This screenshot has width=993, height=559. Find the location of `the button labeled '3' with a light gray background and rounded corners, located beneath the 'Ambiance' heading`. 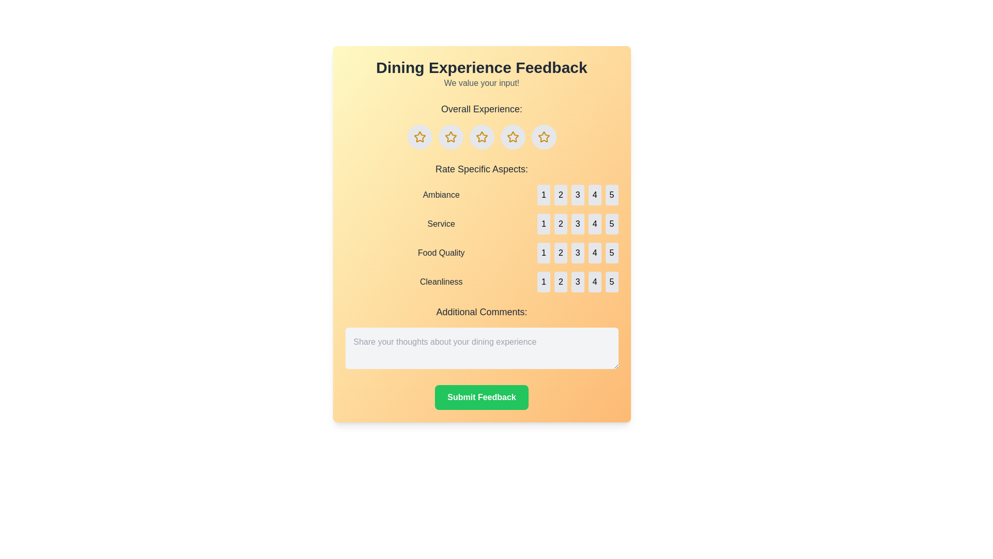

the button labeled '3' with a light gray background and rounded corners, located beneath the 'Ambiance' heading is located at coordinates (577, 195).